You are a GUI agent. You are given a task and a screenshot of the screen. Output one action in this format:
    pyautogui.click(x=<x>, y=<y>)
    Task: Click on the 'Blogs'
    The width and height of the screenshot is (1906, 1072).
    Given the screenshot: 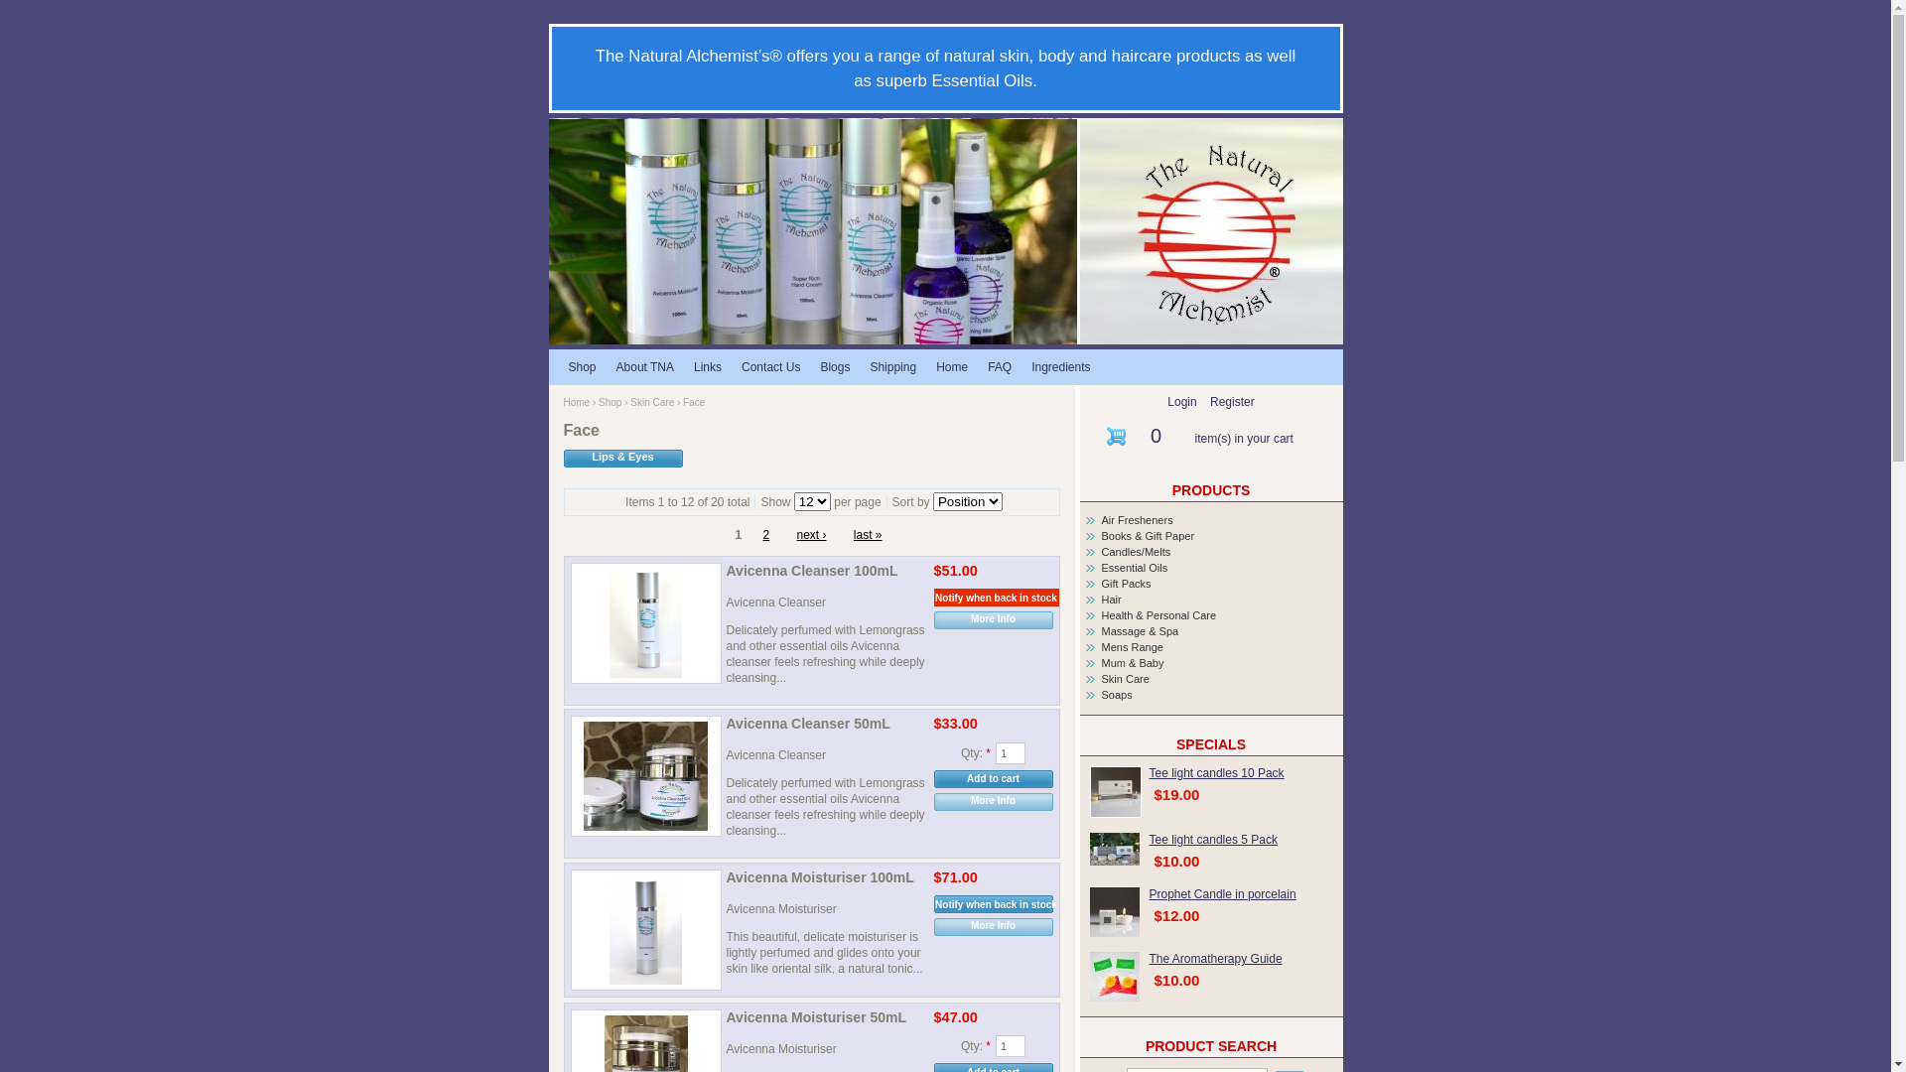 What is the action you would take?
    pyautogui.click(x=834, y=366)
    